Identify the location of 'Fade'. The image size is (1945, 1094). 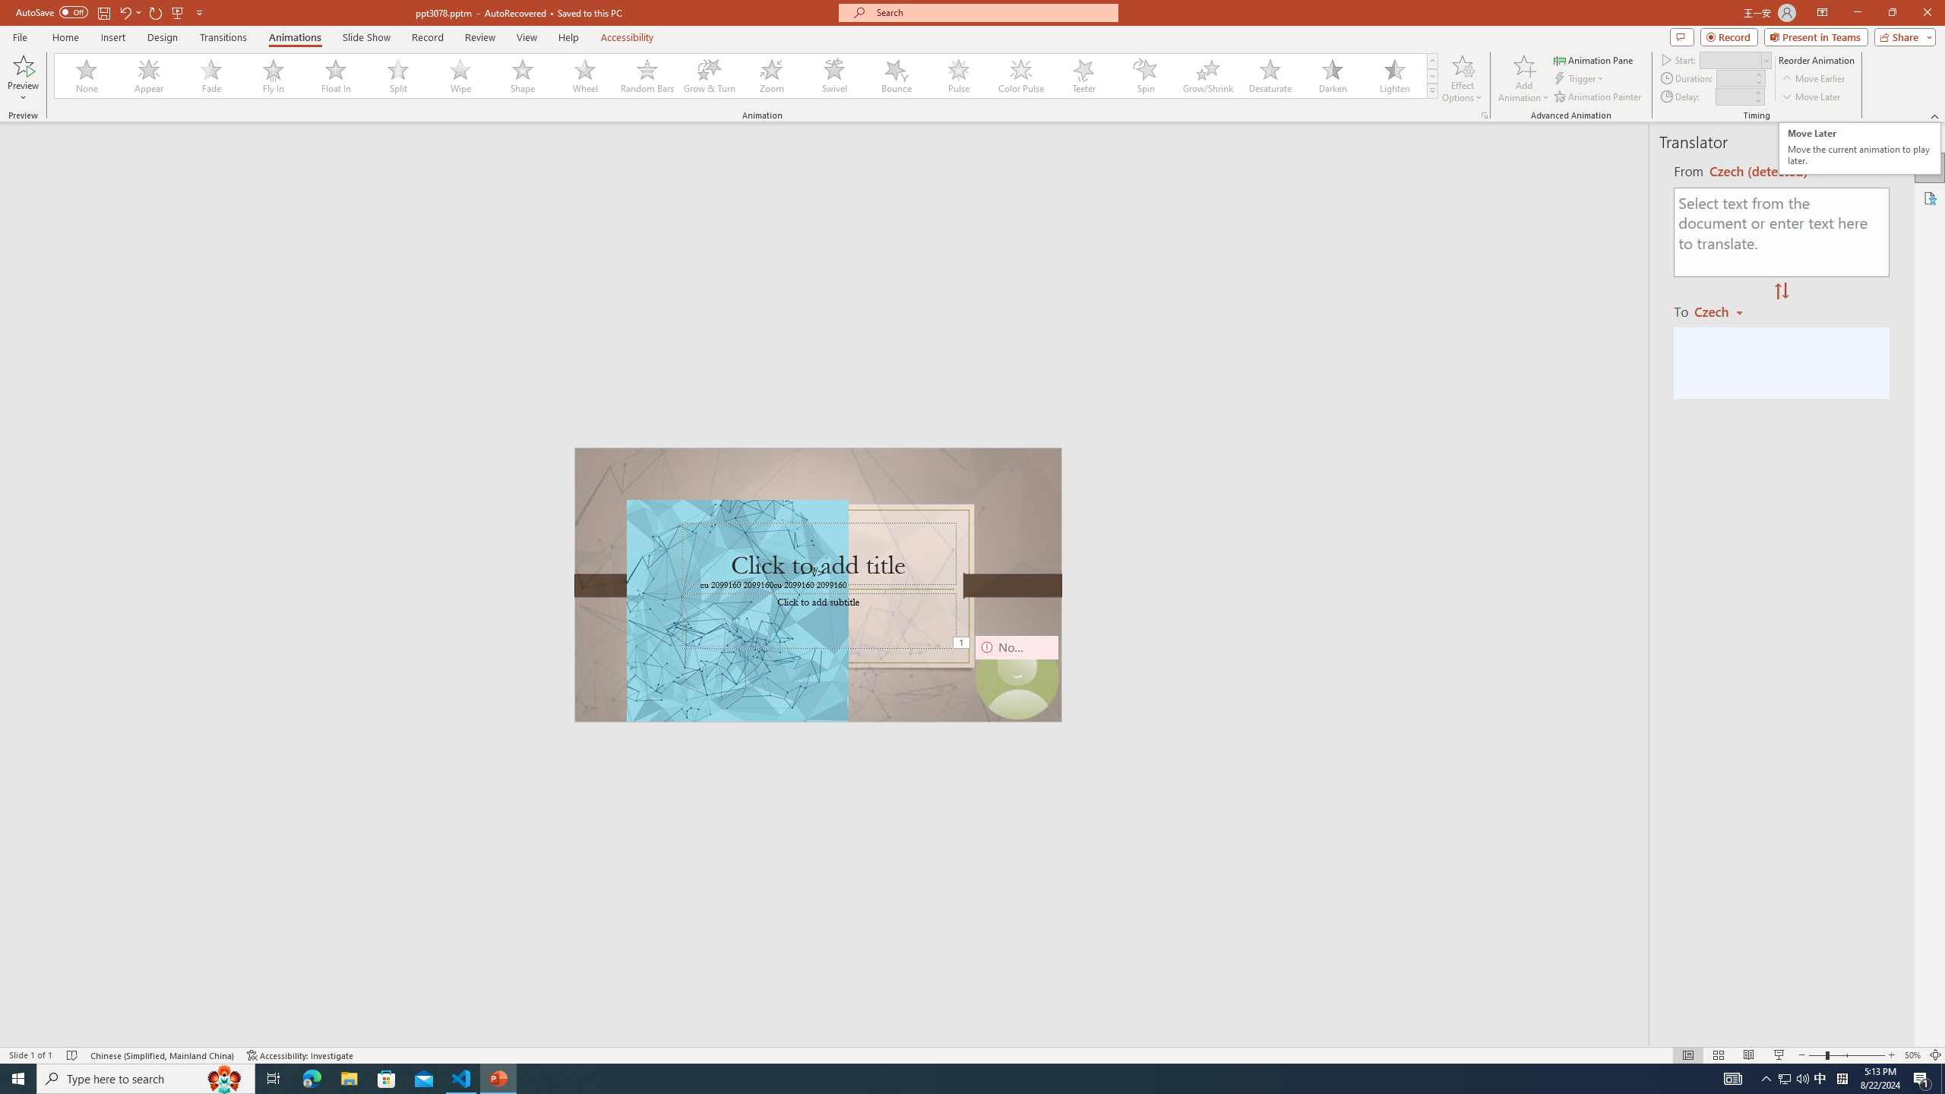
(211, 75).